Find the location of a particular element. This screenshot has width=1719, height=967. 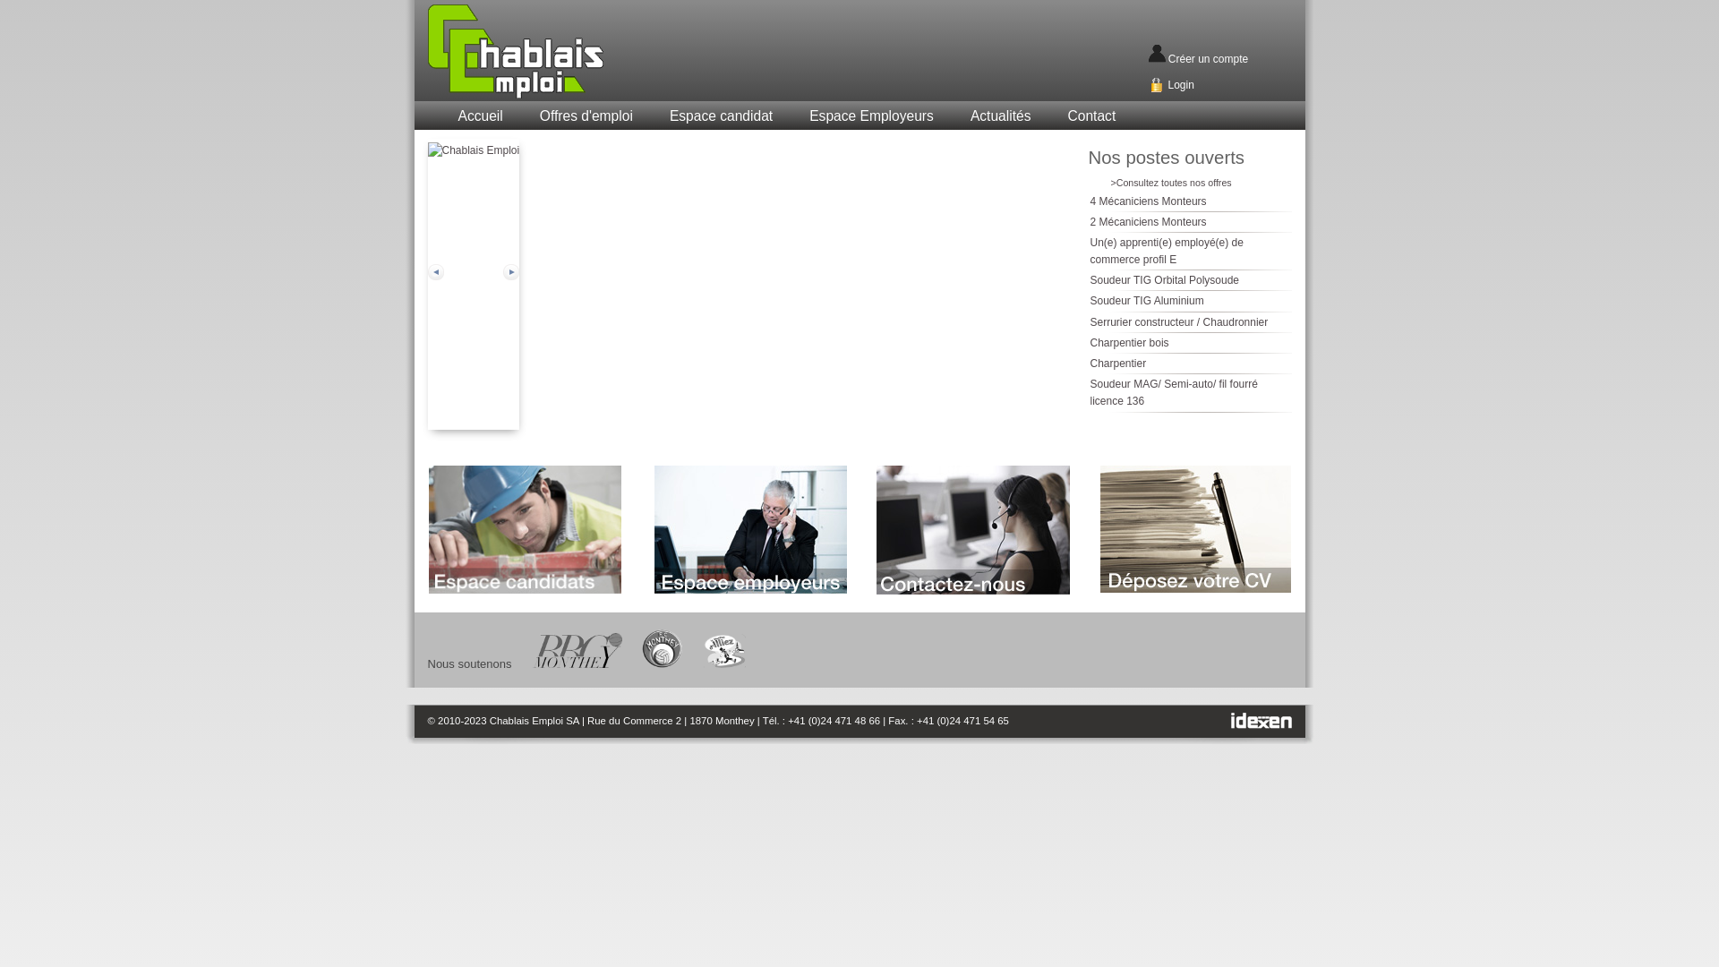

'Login' is located at coordinates (1180, 85).